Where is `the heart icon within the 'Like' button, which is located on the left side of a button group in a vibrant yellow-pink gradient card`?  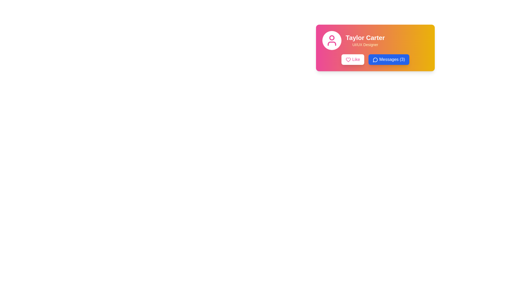
the heart icon within the 'Like' button, which is located on the left side of a button group in a vibrant yellow-pink gradient card is located at coordinates (348, 60).